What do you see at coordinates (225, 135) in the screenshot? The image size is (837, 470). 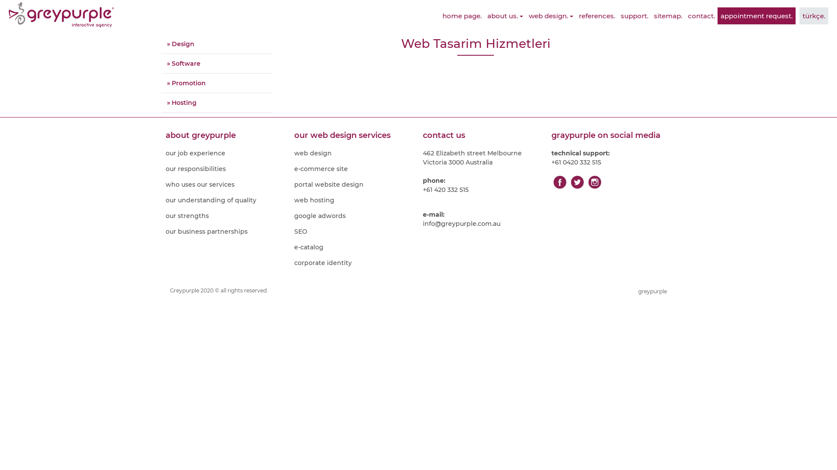 I see `'about greypurple'` at bounding box center [225, 135].